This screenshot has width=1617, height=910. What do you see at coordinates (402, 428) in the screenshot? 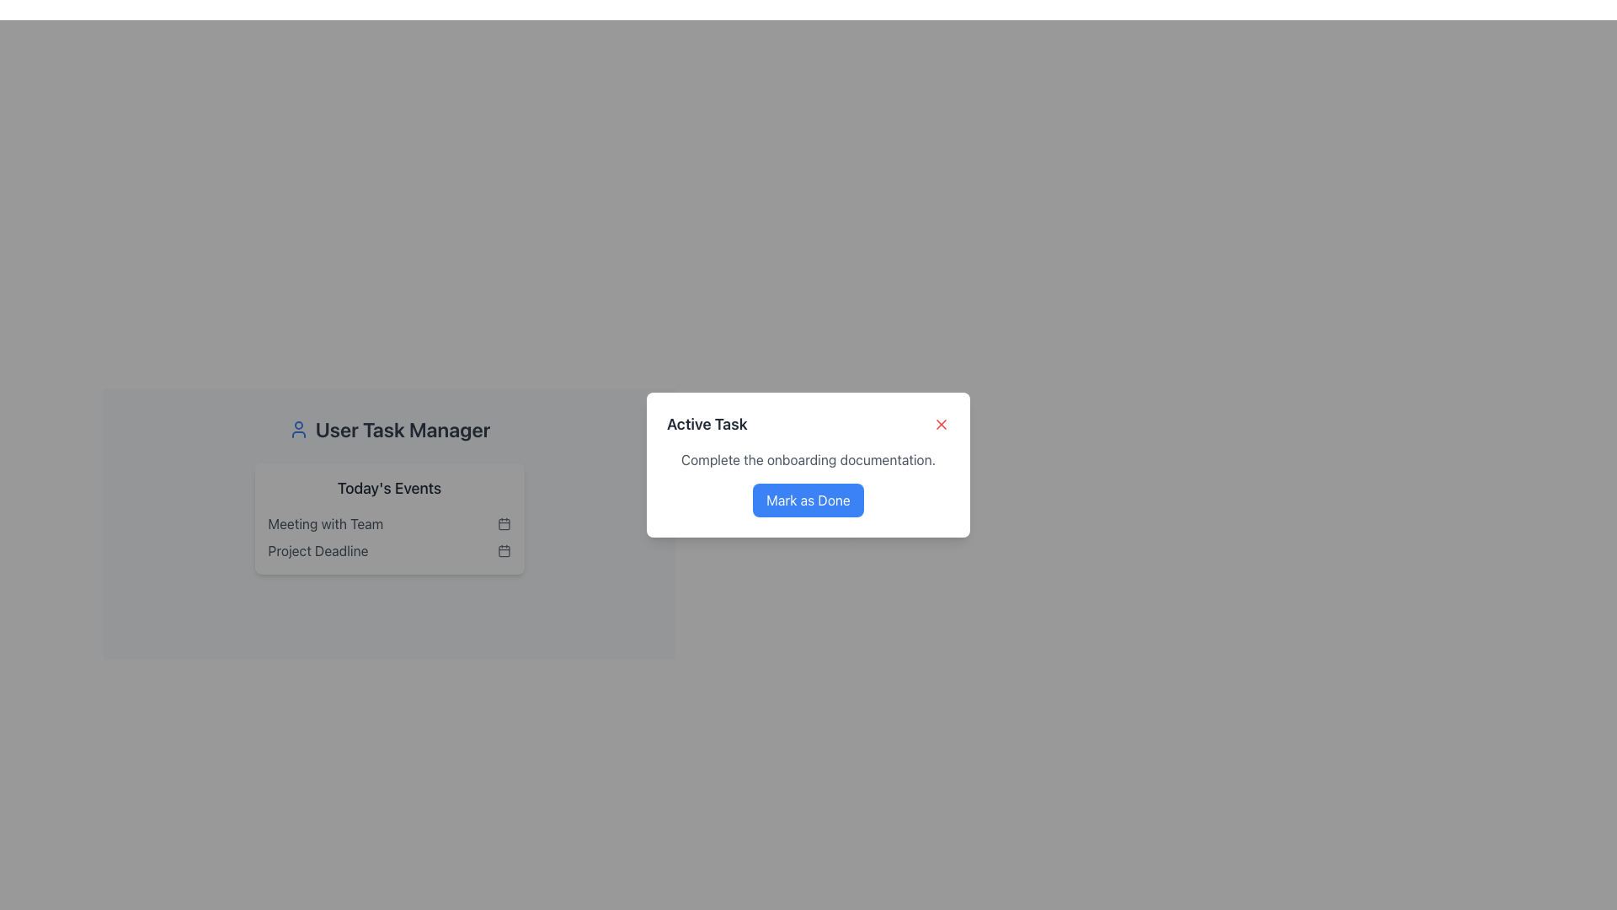
I see `the 'User Task Manager' text label which is displayed in bold light gray font, located above the 'Today's Events' panel and adjacent to a user icon` at bounding box center [402, 428].